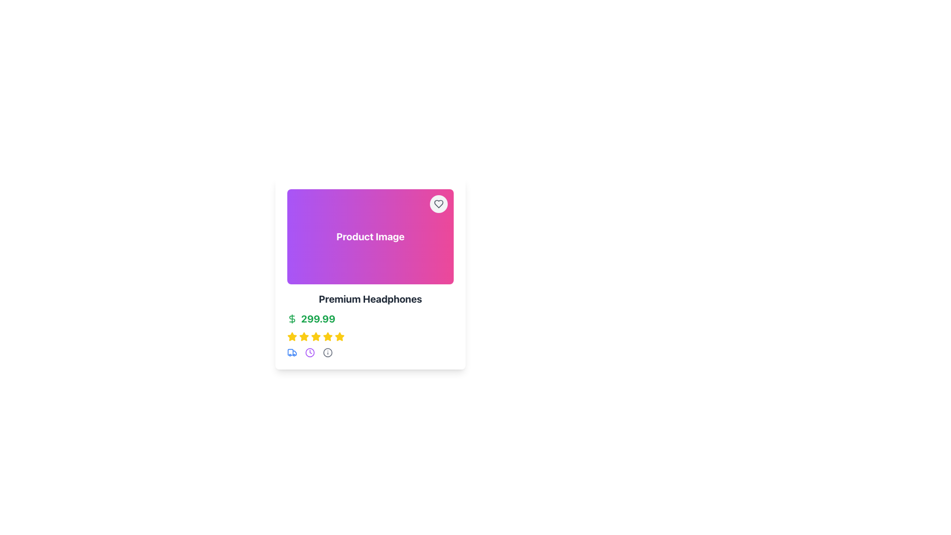 The image size is (951, 535). What do you see at coordinates (318, 319) in the screenshot?
I see `bolded, green-colored text label displaying the value '299.99', which is a prominent feature below the product title` at bounding box center [318, 319].